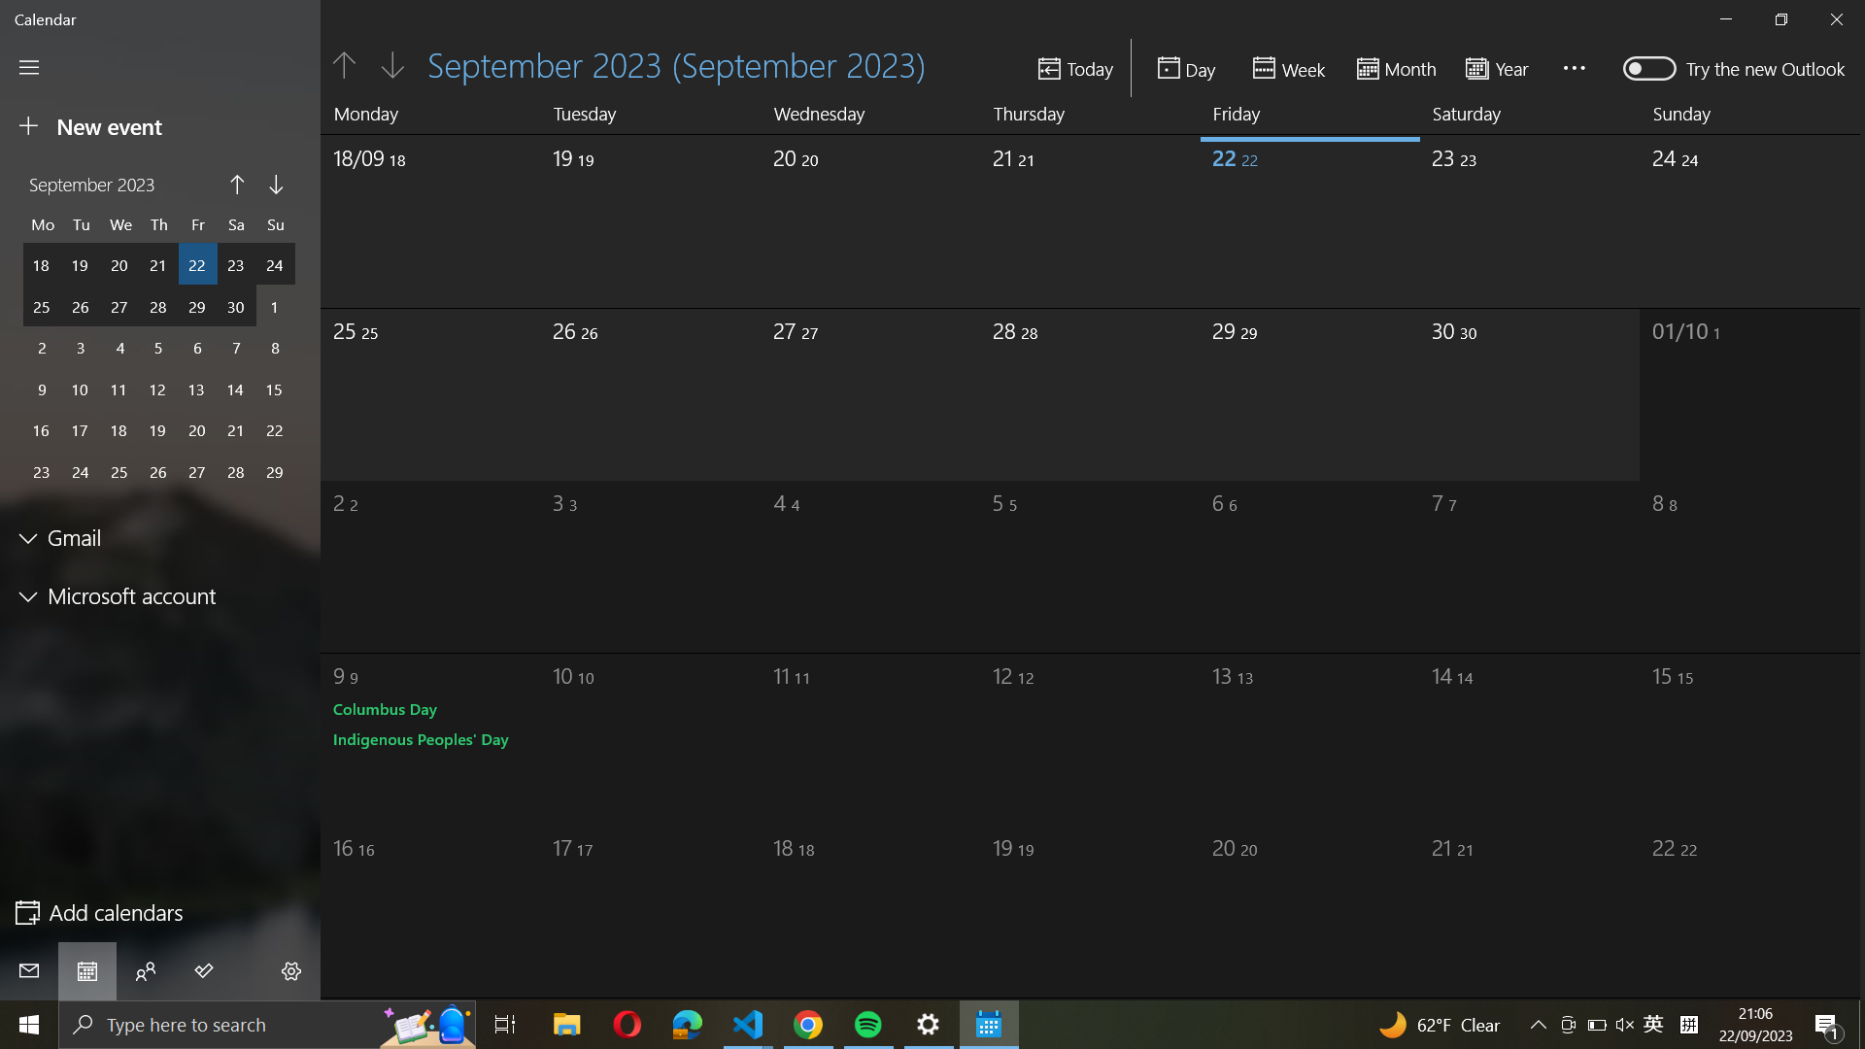 The width and height of the screenshot is (1865, 1049). I want to click on the final date of September, so click(1531, 214).